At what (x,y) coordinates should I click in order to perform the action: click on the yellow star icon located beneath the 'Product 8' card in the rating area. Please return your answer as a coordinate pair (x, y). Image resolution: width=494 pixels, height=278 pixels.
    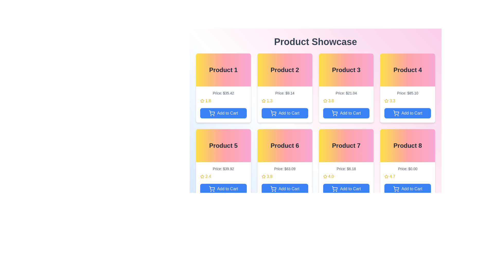
    Looking at the image, I should click on (386, 176).